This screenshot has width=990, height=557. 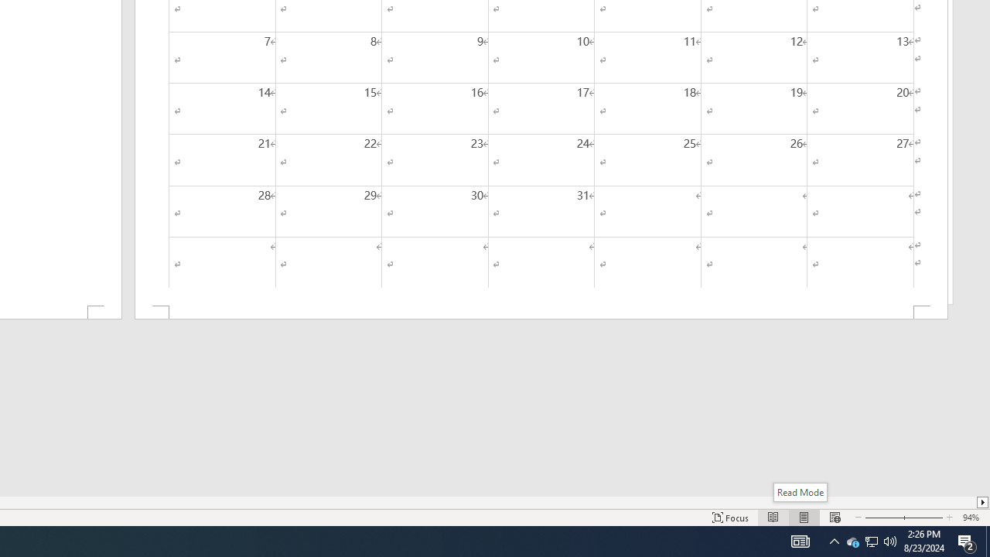 I want to click on 'Column right', so click(x=982, y=502).